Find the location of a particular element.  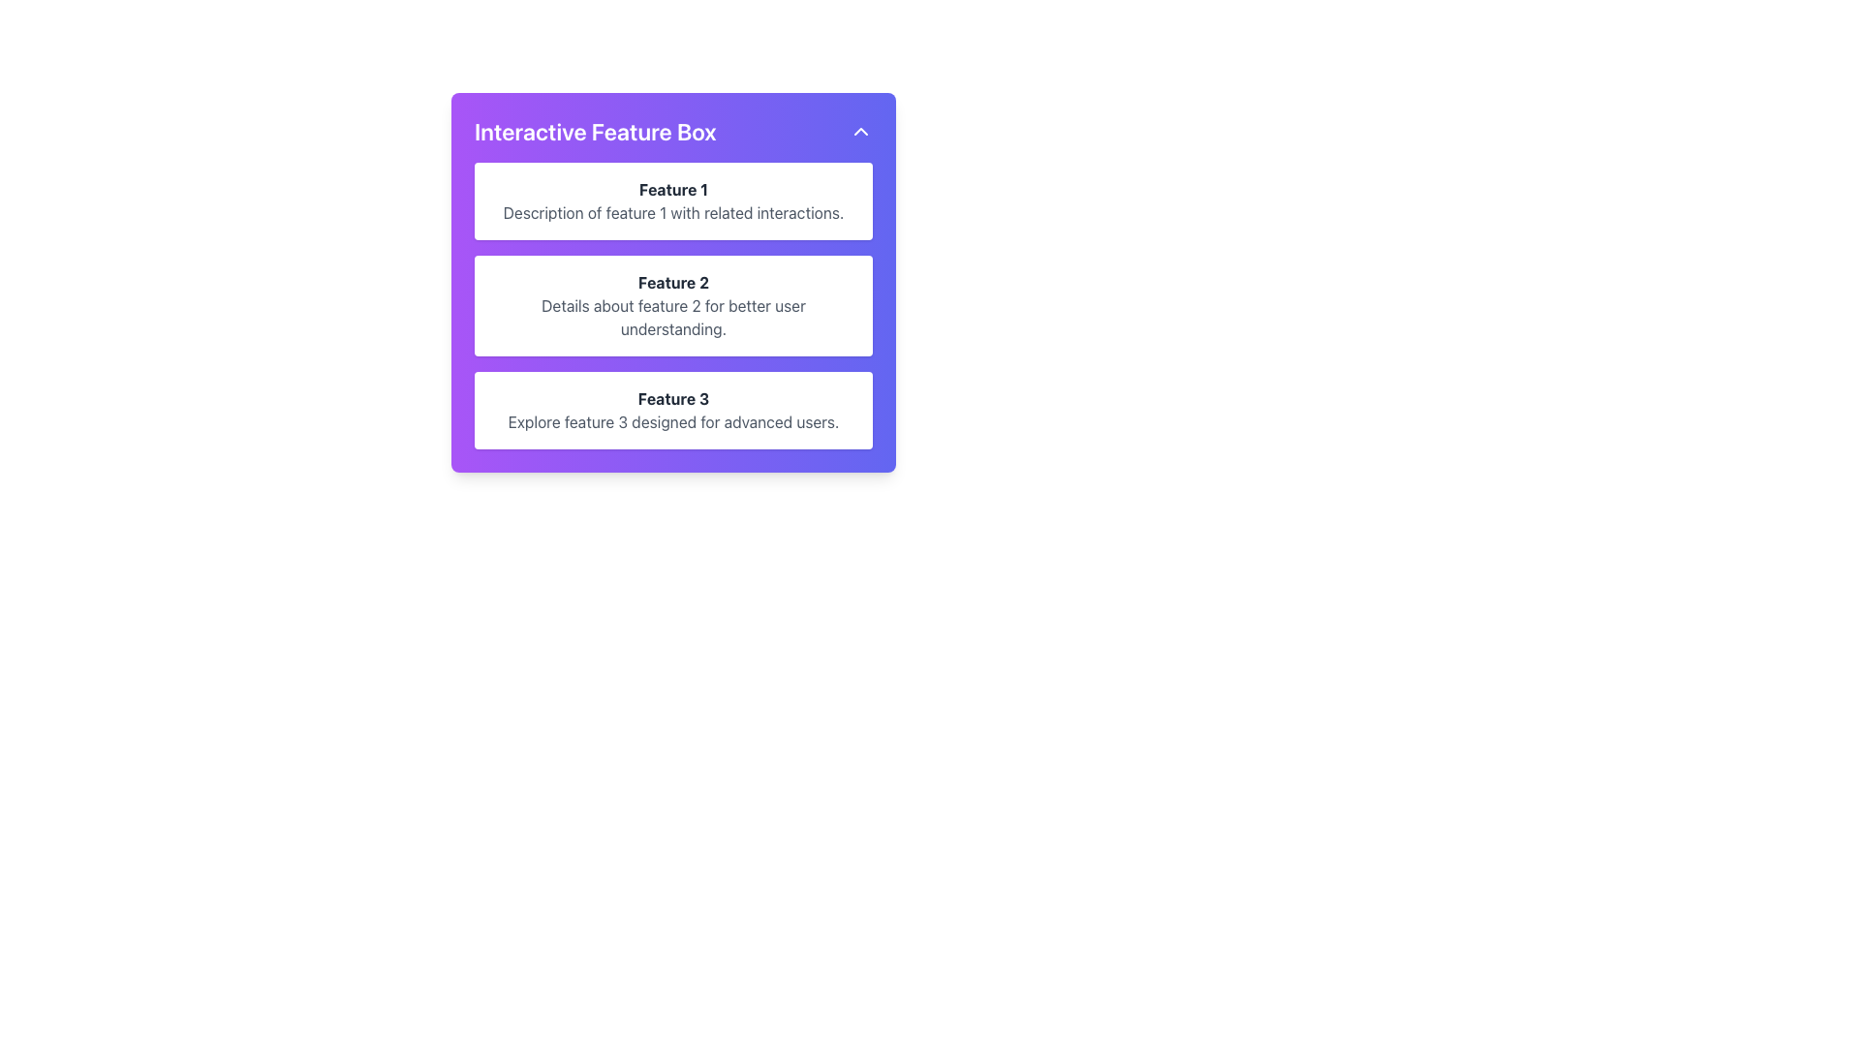

text element that displays 'Description of feature 1 with related interactions.' located within the white card below the heading 'Feature 1' is located at coordinates (673, 212).